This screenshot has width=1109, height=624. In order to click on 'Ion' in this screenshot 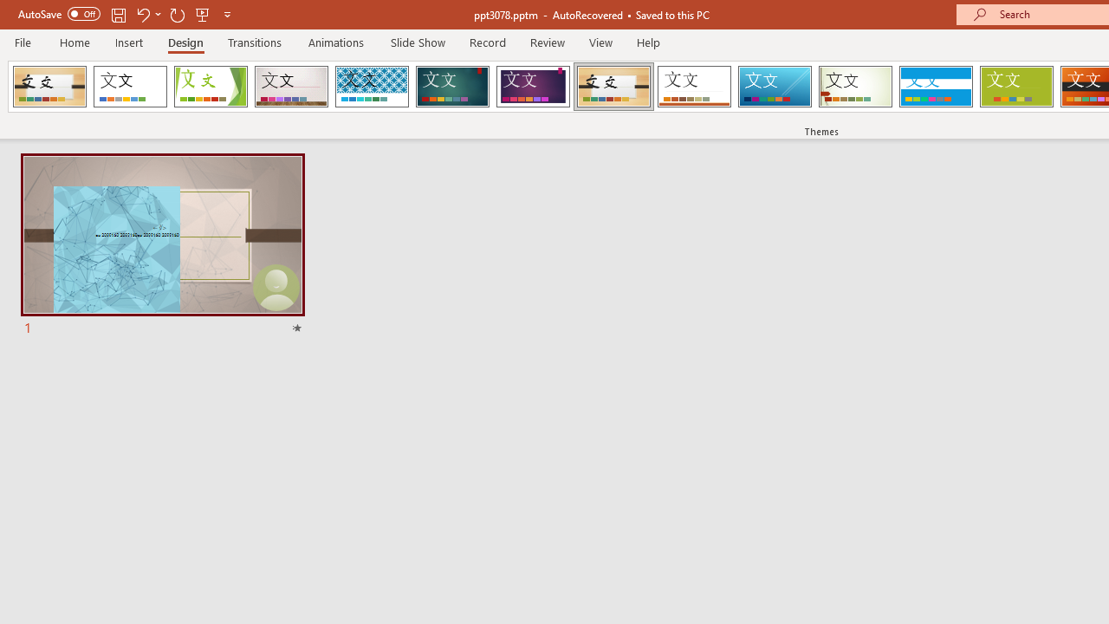, I will do `click(452, 87)`.